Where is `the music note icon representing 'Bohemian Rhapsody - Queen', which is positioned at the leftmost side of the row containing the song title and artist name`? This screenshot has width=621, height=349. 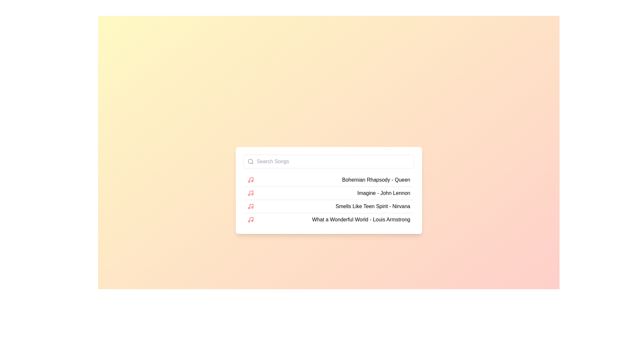 the music note icon representing 'Bohemian Rhapsody - Queen', which is positioned at the leftmost side of the row containing the song title and artist name is located at coordinates (250, 180).